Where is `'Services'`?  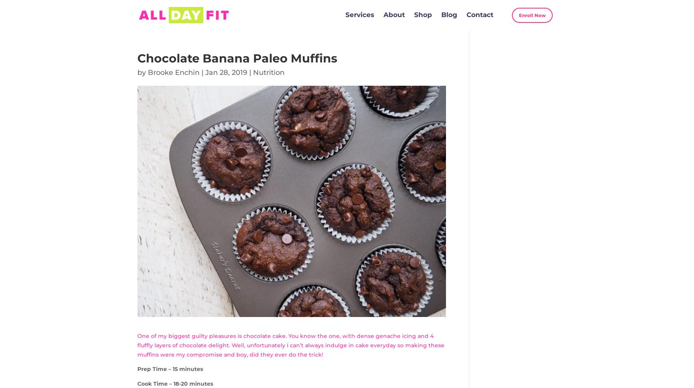 'Services' is located at coordinates (360, 15).